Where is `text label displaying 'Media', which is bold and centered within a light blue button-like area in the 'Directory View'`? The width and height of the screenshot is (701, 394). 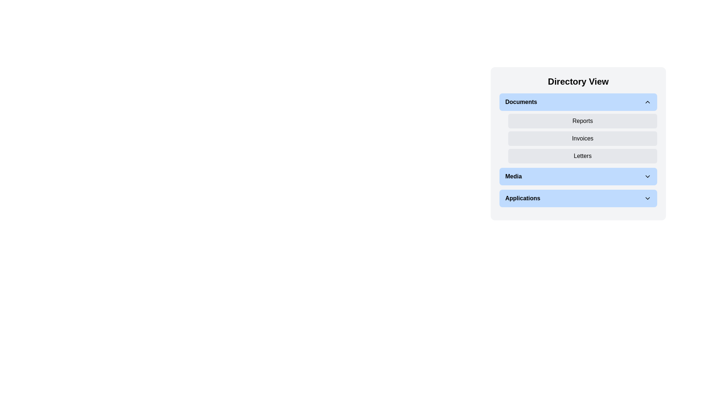 text label displaying 'Media', which is bold and centered within a light blue button-like area in the 'Directory View' is located at coordinates (513, 176).